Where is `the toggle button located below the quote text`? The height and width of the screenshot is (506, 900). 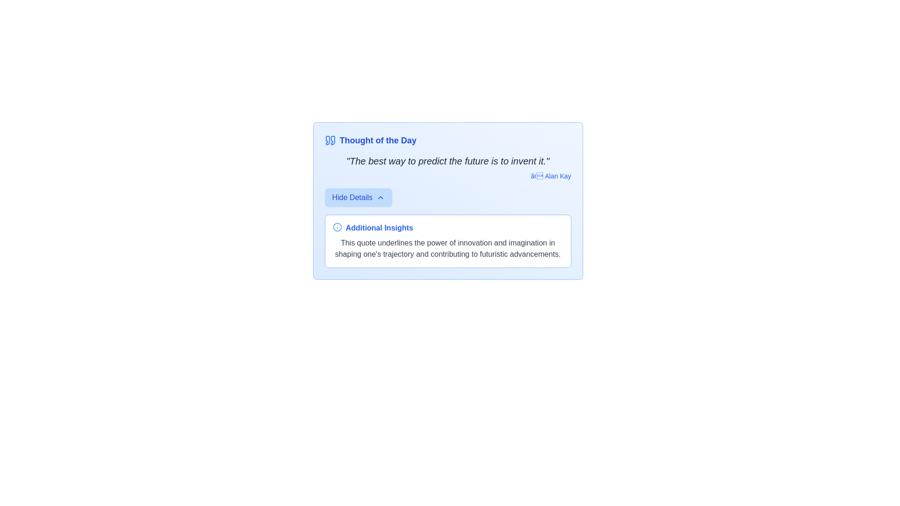 the toggle button located below the quote text is located at coordinates (358, 197).